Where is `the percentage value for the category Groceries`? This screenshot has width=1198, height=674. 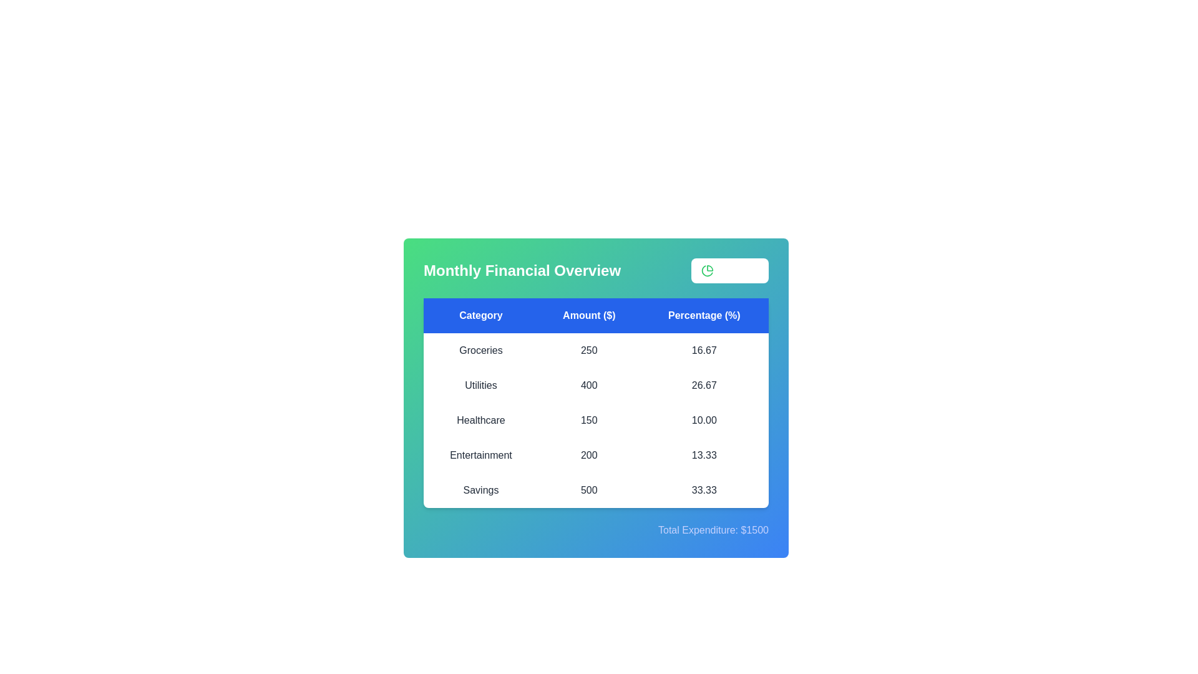
the percentage value for the category Groceries is located at coordinates (704, 351).